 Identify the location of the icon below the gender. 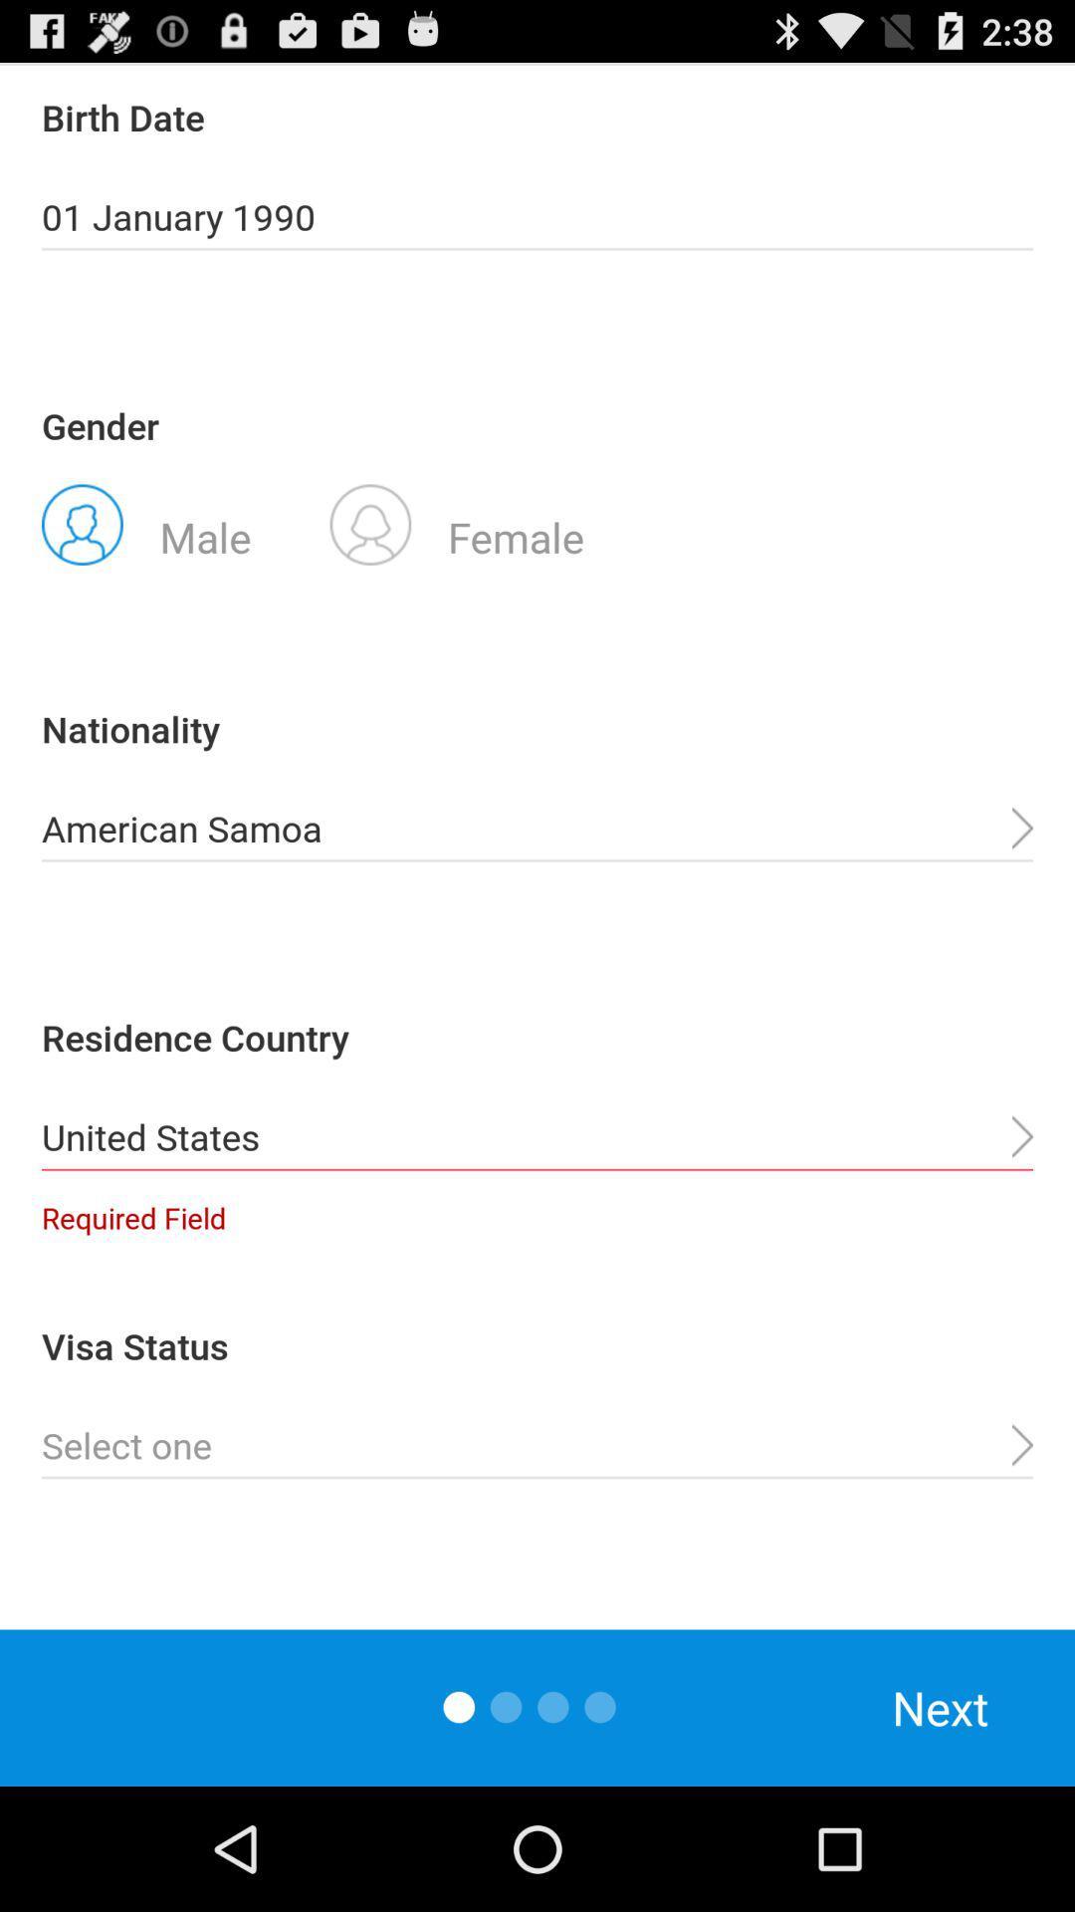
(145, 523).